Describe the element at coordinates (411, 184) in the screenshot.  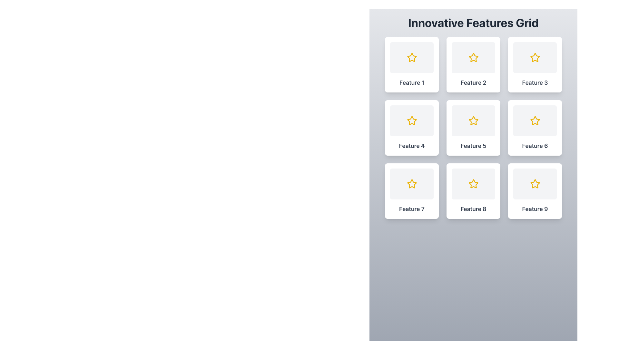
I see `the star icon located in the seventh position of a 3x3 grid layout` at that location.